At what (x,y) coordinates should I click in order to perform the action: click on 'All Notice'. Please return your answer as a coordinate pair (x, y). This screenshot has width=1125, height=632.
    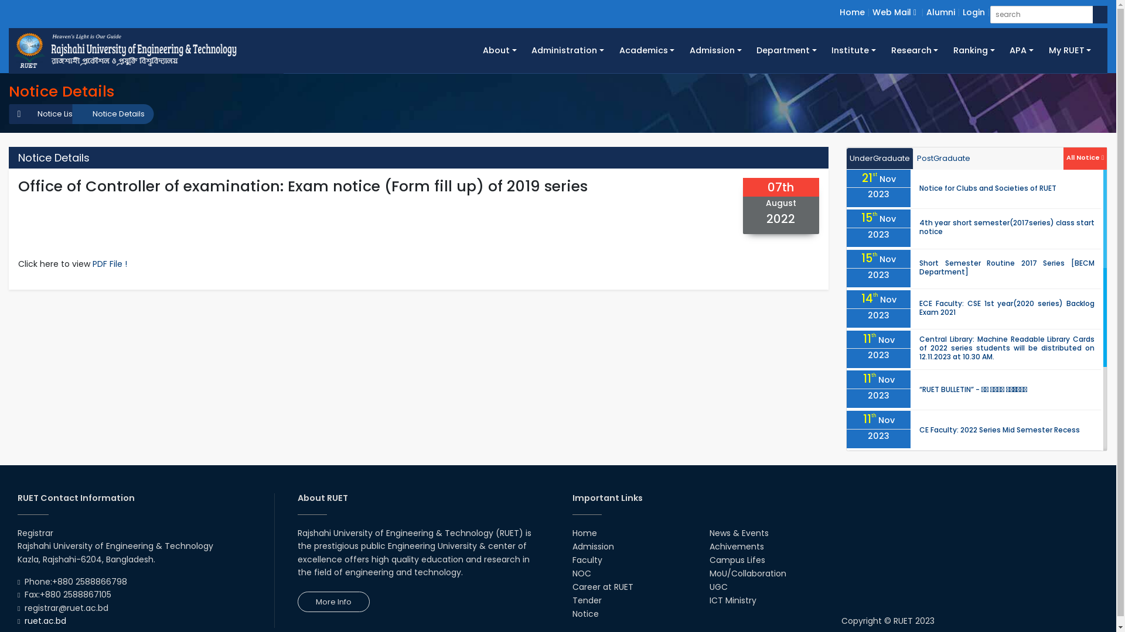
    Looking at the image, I should click on (1085, 156).